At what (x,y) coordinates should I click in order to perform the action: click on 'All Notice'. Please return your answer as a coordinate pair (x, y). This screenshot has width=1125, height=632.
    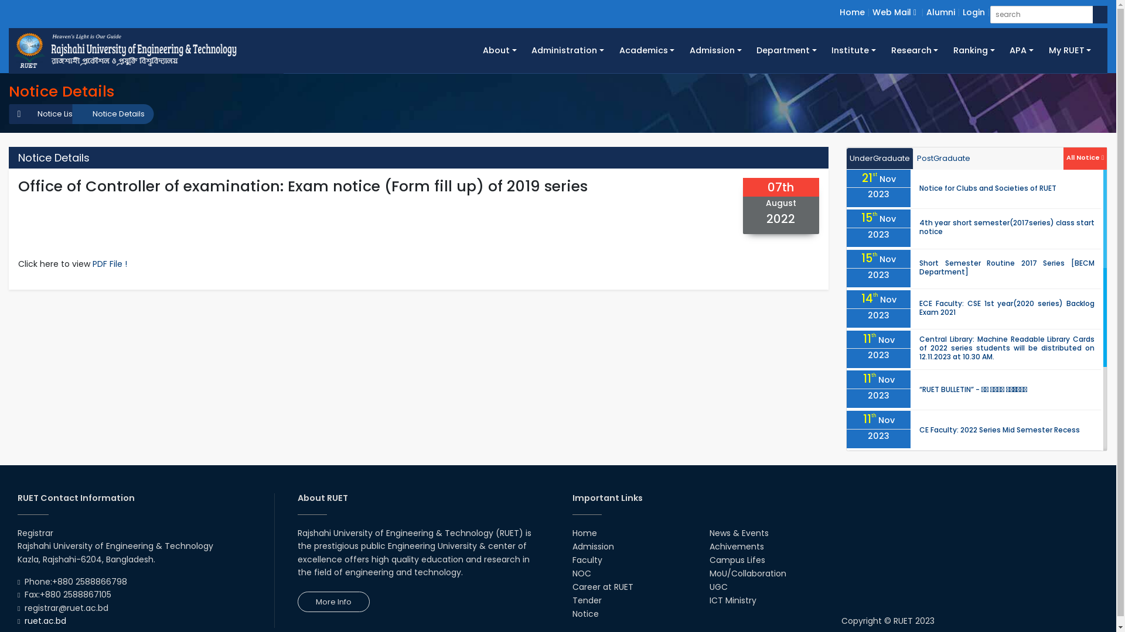
    Looking at the image, I should click on (1085, 156).